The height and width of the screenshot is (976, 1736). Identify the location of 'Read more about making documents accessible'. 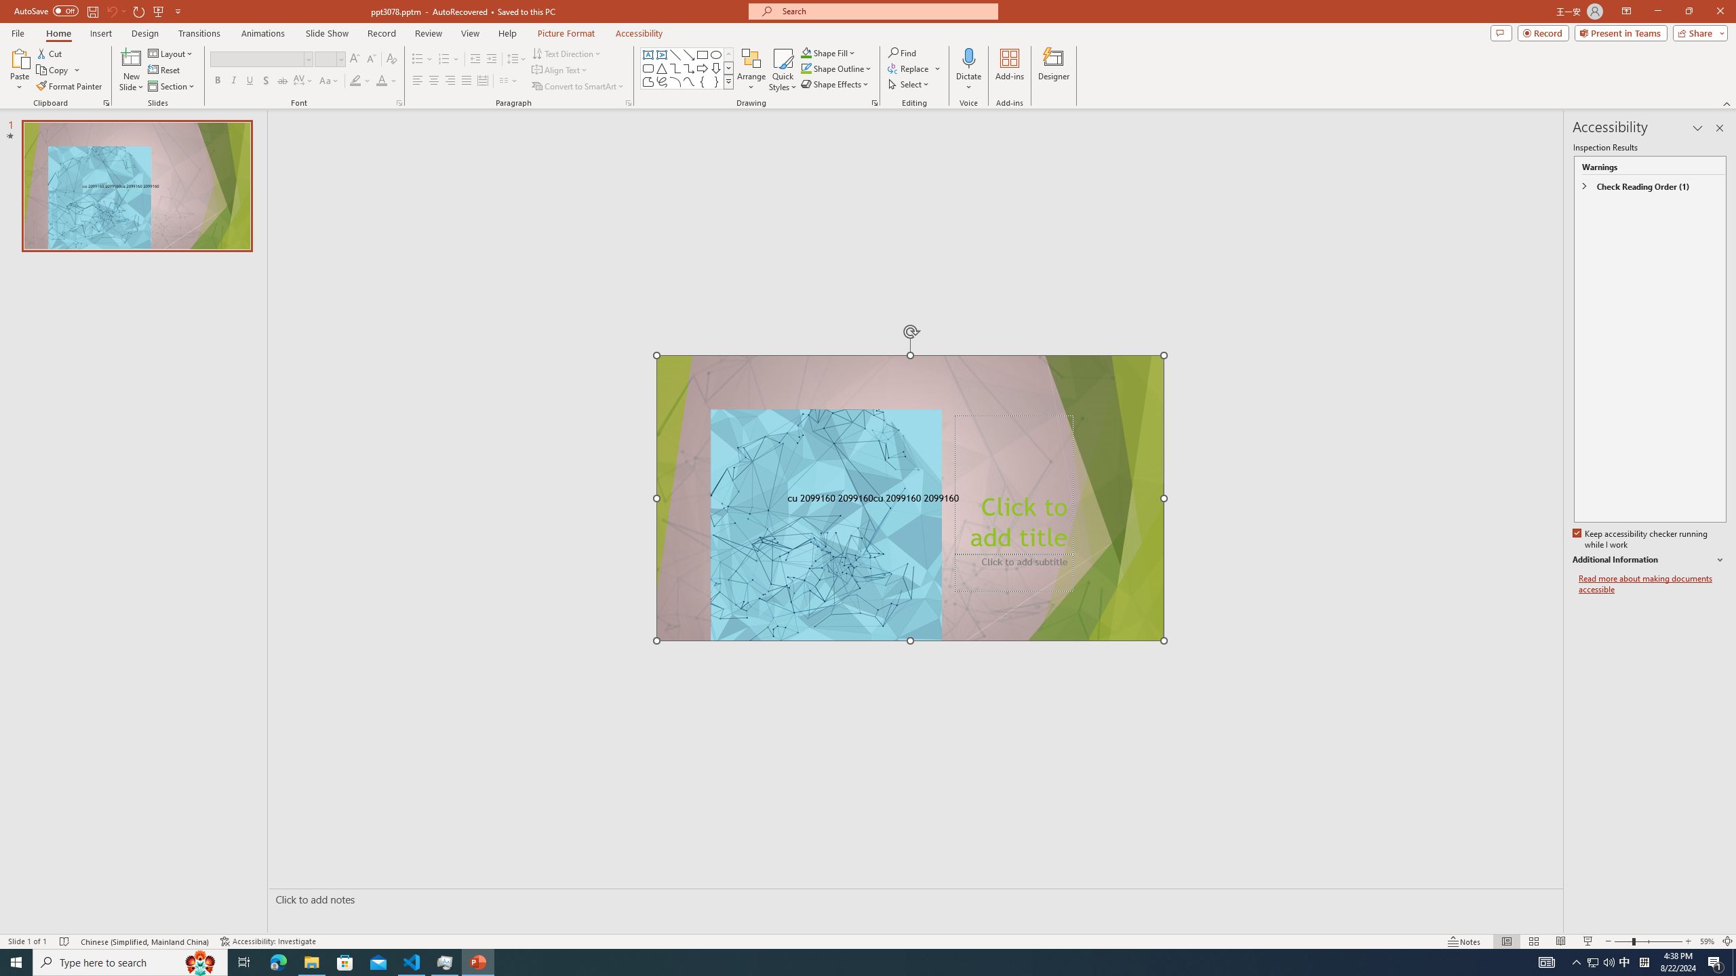
(1653, 584).